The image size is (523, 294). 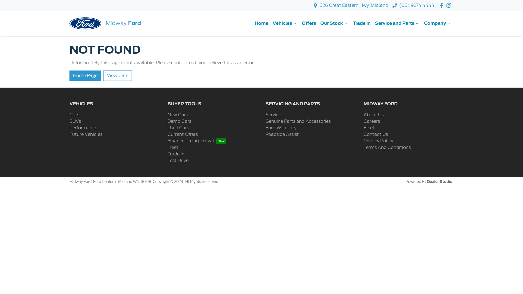 What do you see at coordinates (178, 160) in the screenshot?
I see `'Test Drive'` at bounding box center [178, 160].